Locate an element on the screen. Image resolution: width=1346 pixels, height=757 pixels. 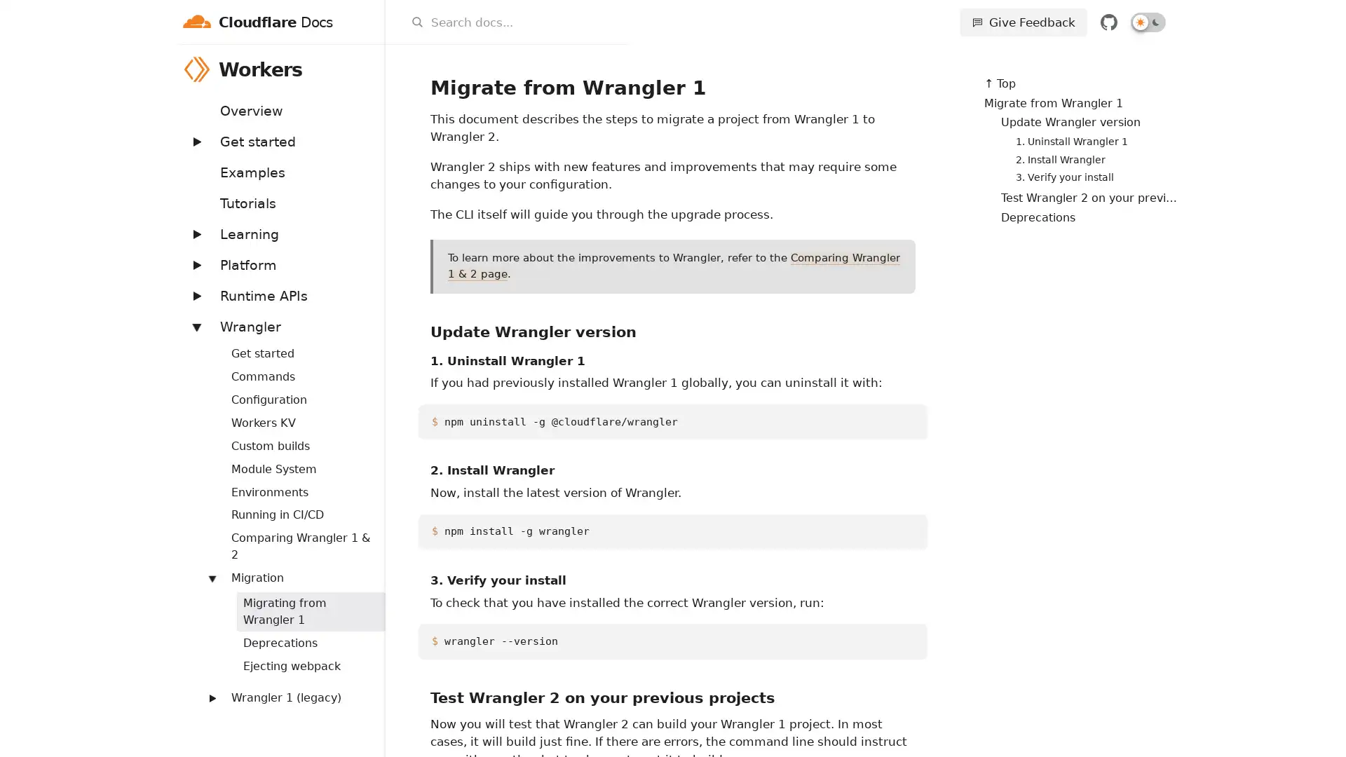
Expand: Wrangler 1 (legacy) is located at coordinates (211, 697).